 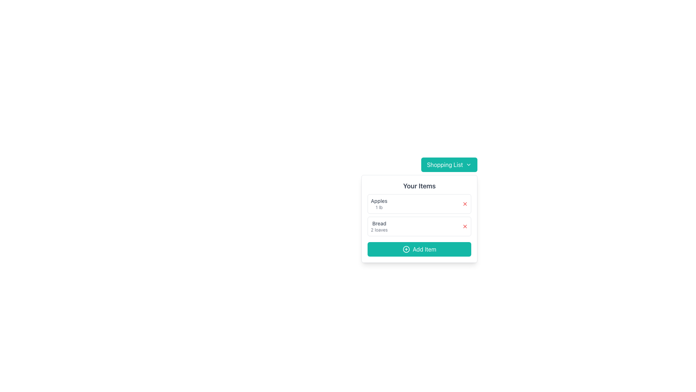 What do you see at coordinates (379, 223) in the screenshot?
I see `the Text Label that indicates the type of the shopping list item, displaying 'Bread2 loaves', which is positioned above the '2 loaves' text within the shopping list interface` at bounding box center [379, 223].